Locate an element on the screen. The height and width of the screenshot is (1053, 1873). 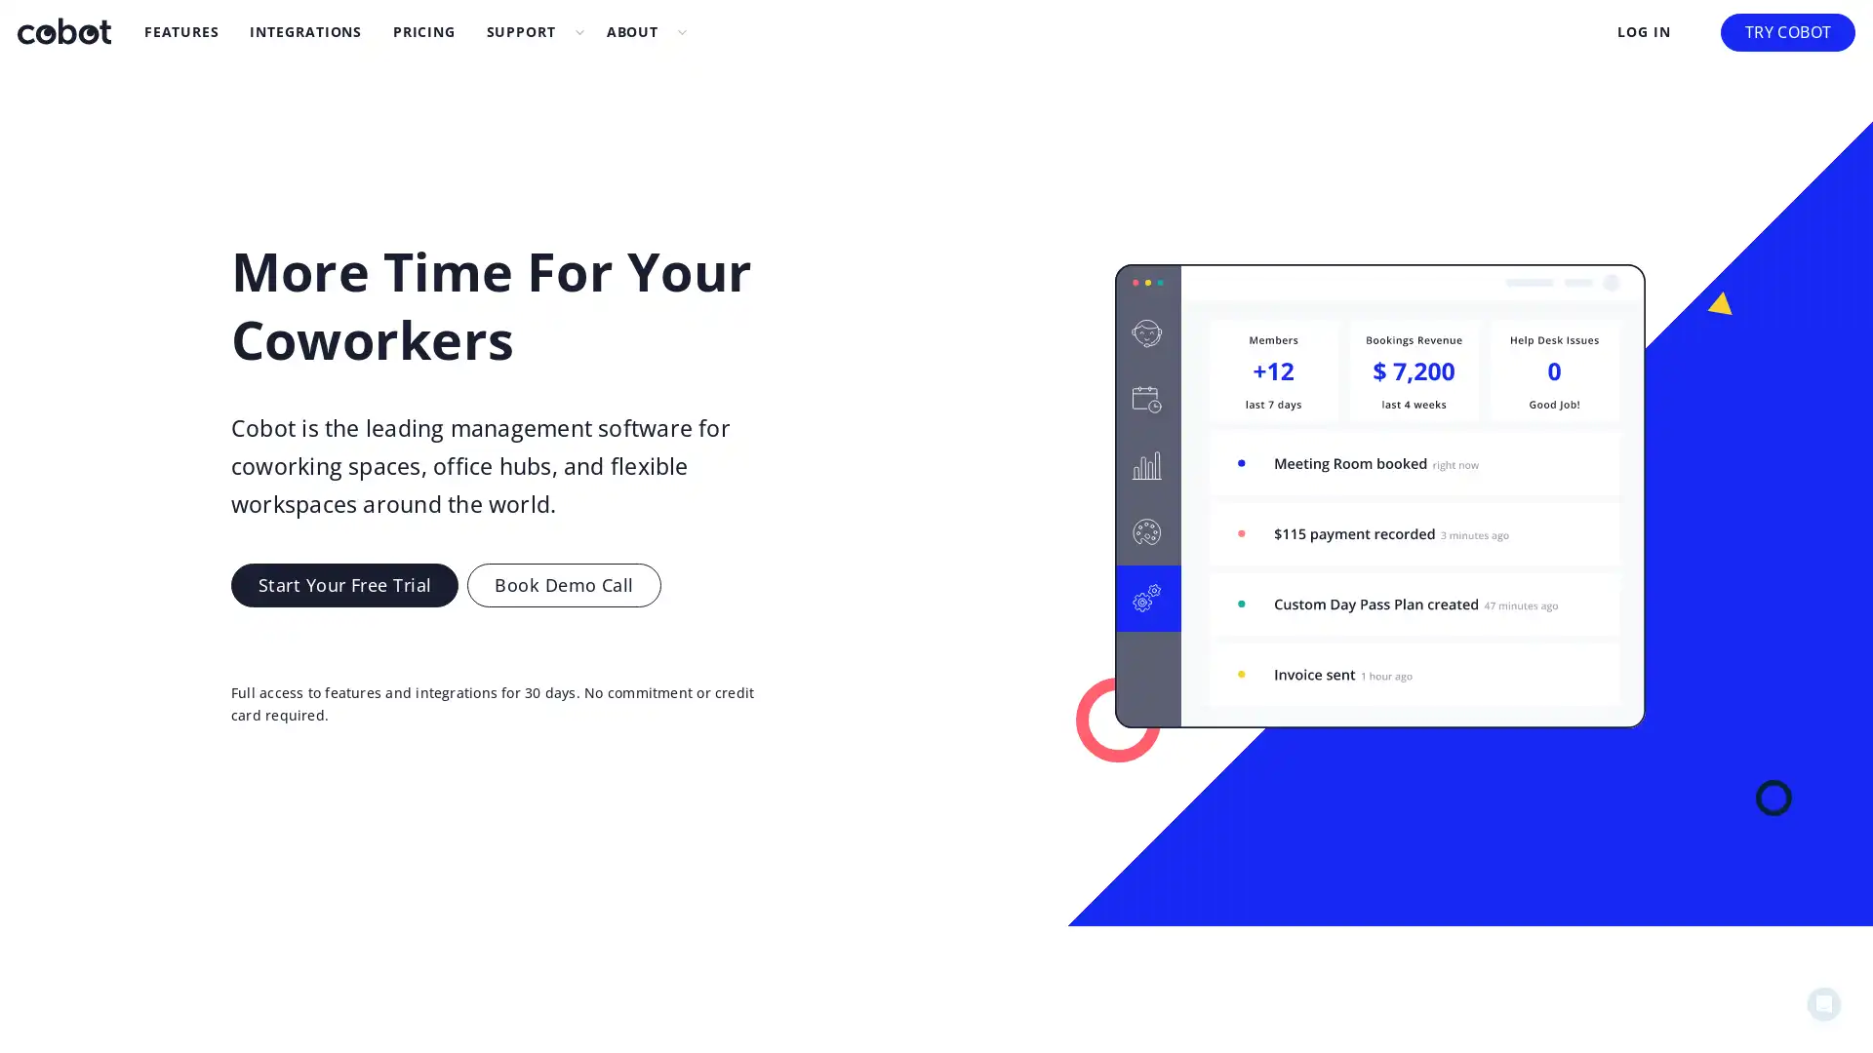
Open Intercom Messenger is located at coordinates (1823, 1003).